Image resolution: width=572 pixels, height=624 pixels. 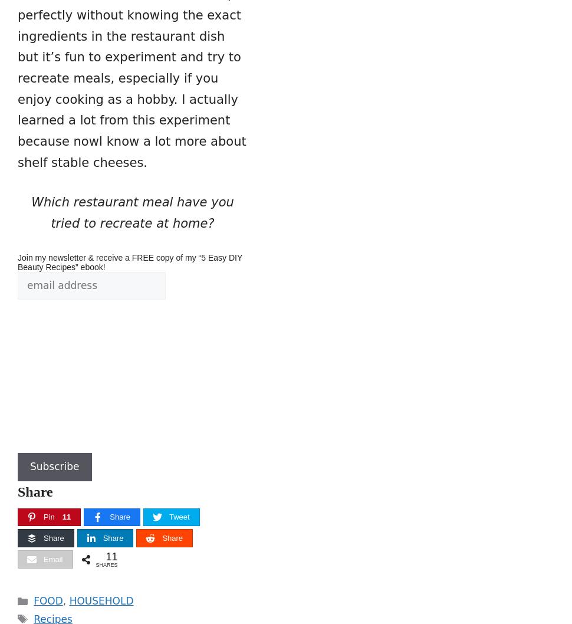 What do you see at coordinates (43, 559) in the screenshot?
I see `'Email'` at bounding box center [43, 559].